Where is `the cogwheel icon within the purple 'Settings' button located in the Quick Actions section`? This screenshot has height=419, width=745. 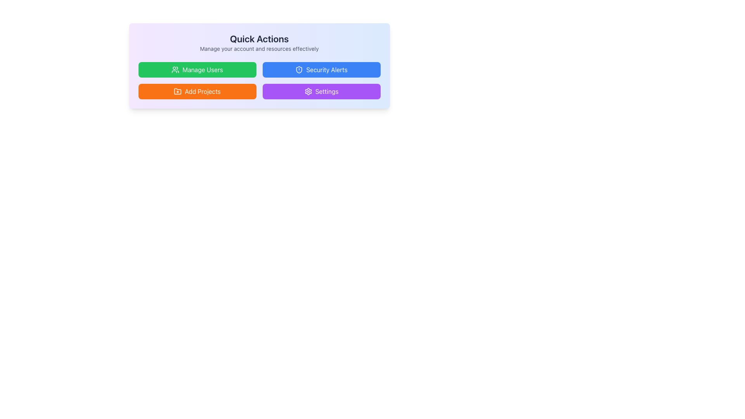
the cogwheel icon within the purple 'Settings' button located in the Quick Actions section is located at coordinates (308, 91).